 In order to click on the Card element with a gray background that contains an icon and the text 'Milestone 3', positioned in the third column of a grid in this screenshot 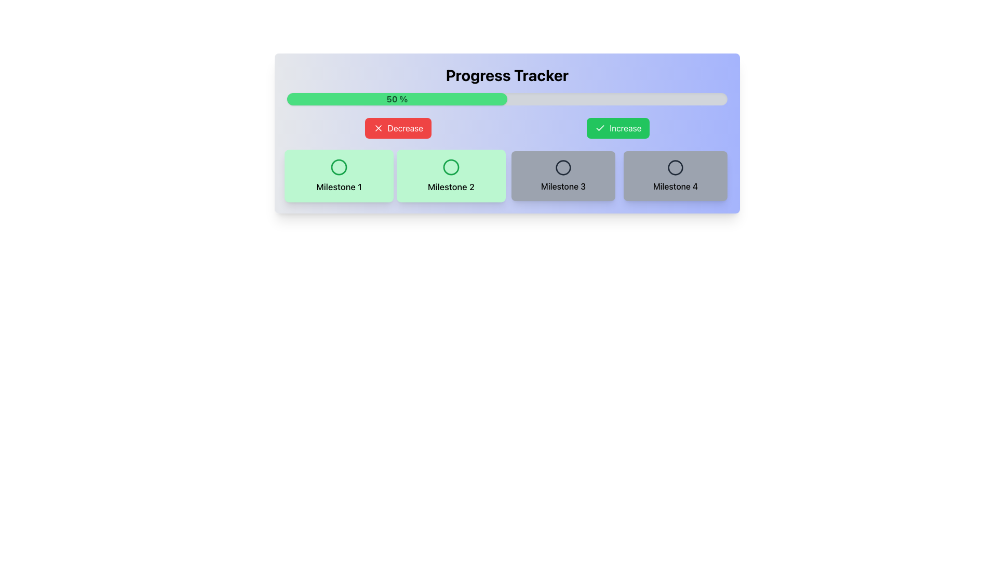, I will do `click(562, 176)`.